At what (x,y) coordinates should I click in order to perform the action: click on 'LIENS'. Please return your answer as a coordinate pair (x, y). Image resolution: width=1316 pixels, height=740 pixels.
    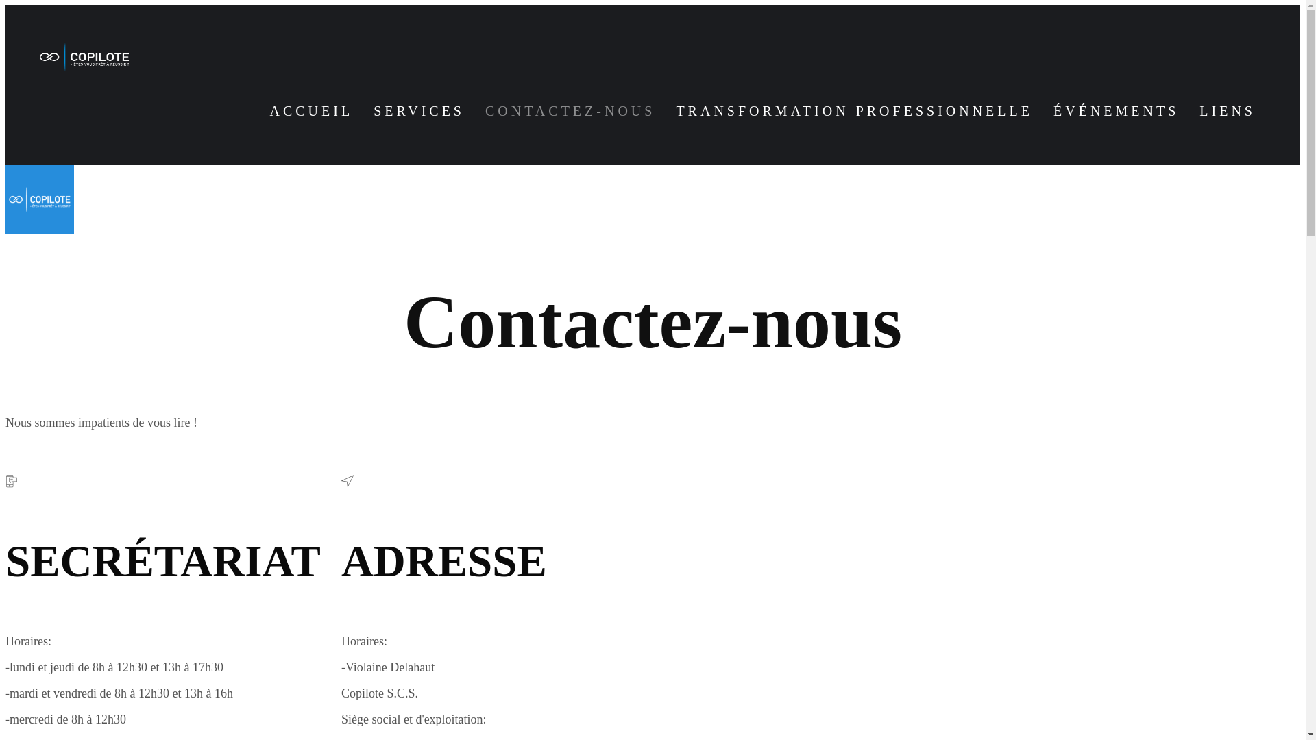
    Looking at the image, I should click on (1227, 110).